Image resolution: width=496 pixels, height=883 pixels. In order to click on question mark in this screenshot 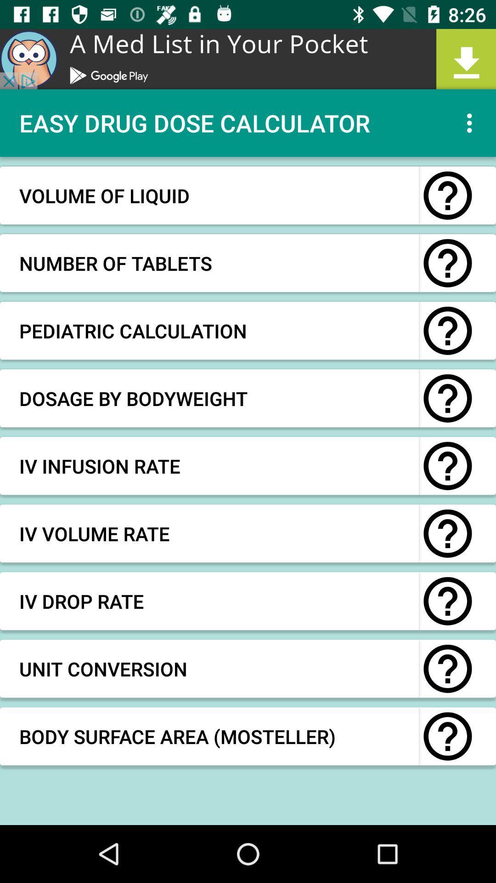, I will do `click(447, 398)`.